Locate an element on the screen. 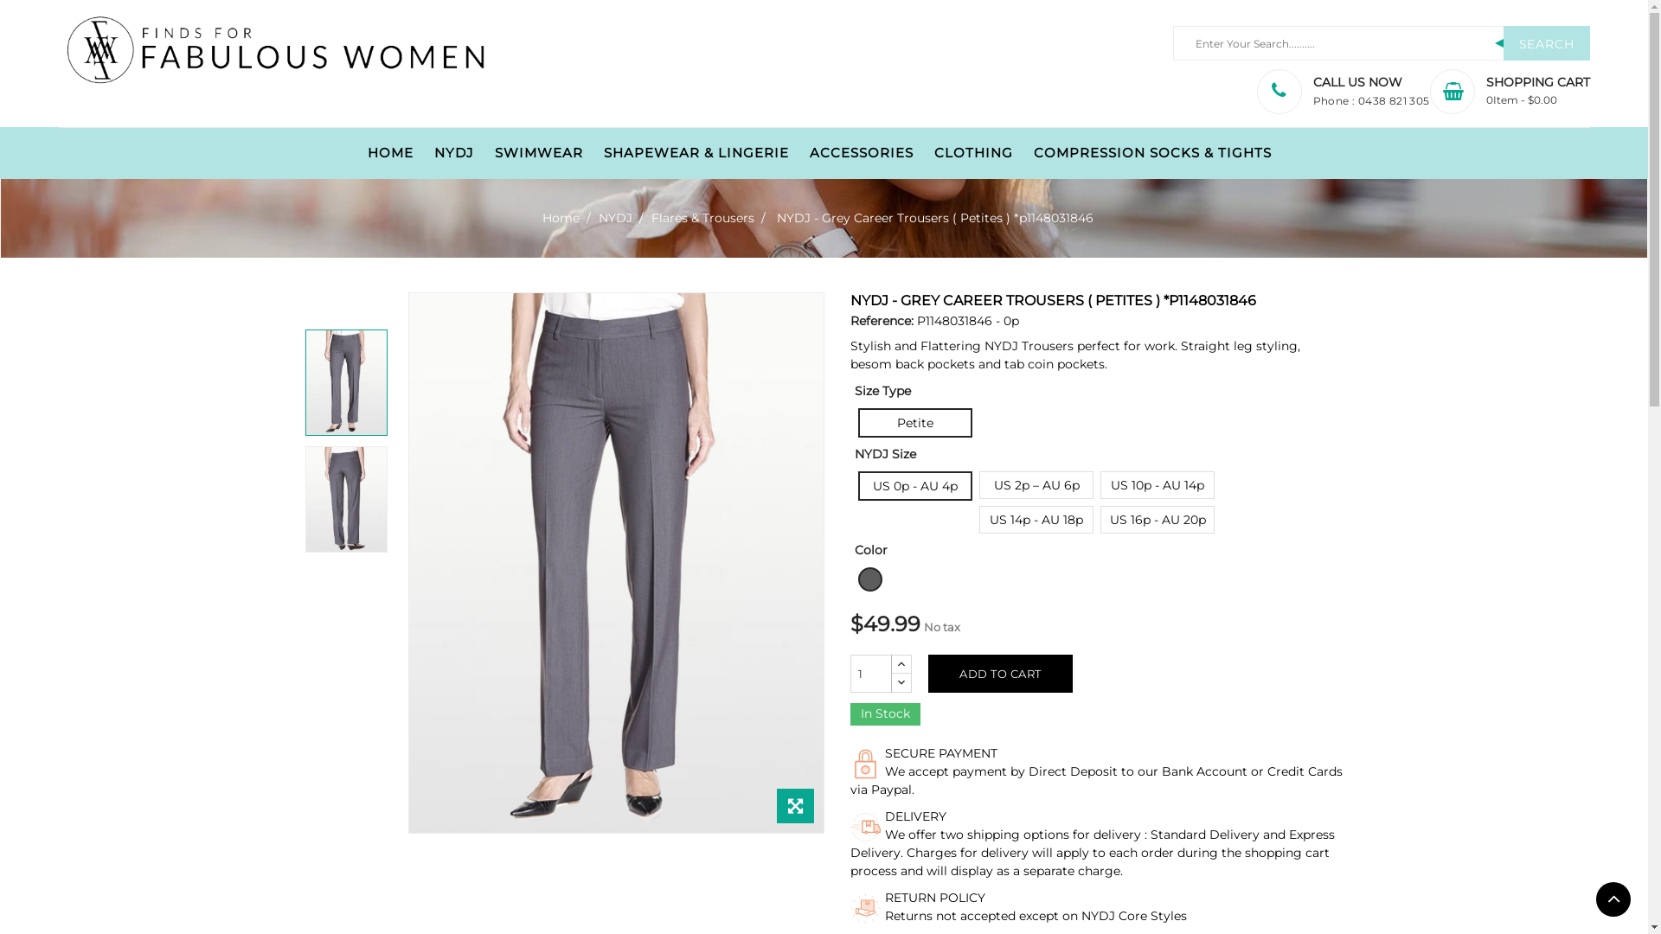  'COMPRESSION SOCKS & TIGHTS' is located at coordinates (1152, 152).